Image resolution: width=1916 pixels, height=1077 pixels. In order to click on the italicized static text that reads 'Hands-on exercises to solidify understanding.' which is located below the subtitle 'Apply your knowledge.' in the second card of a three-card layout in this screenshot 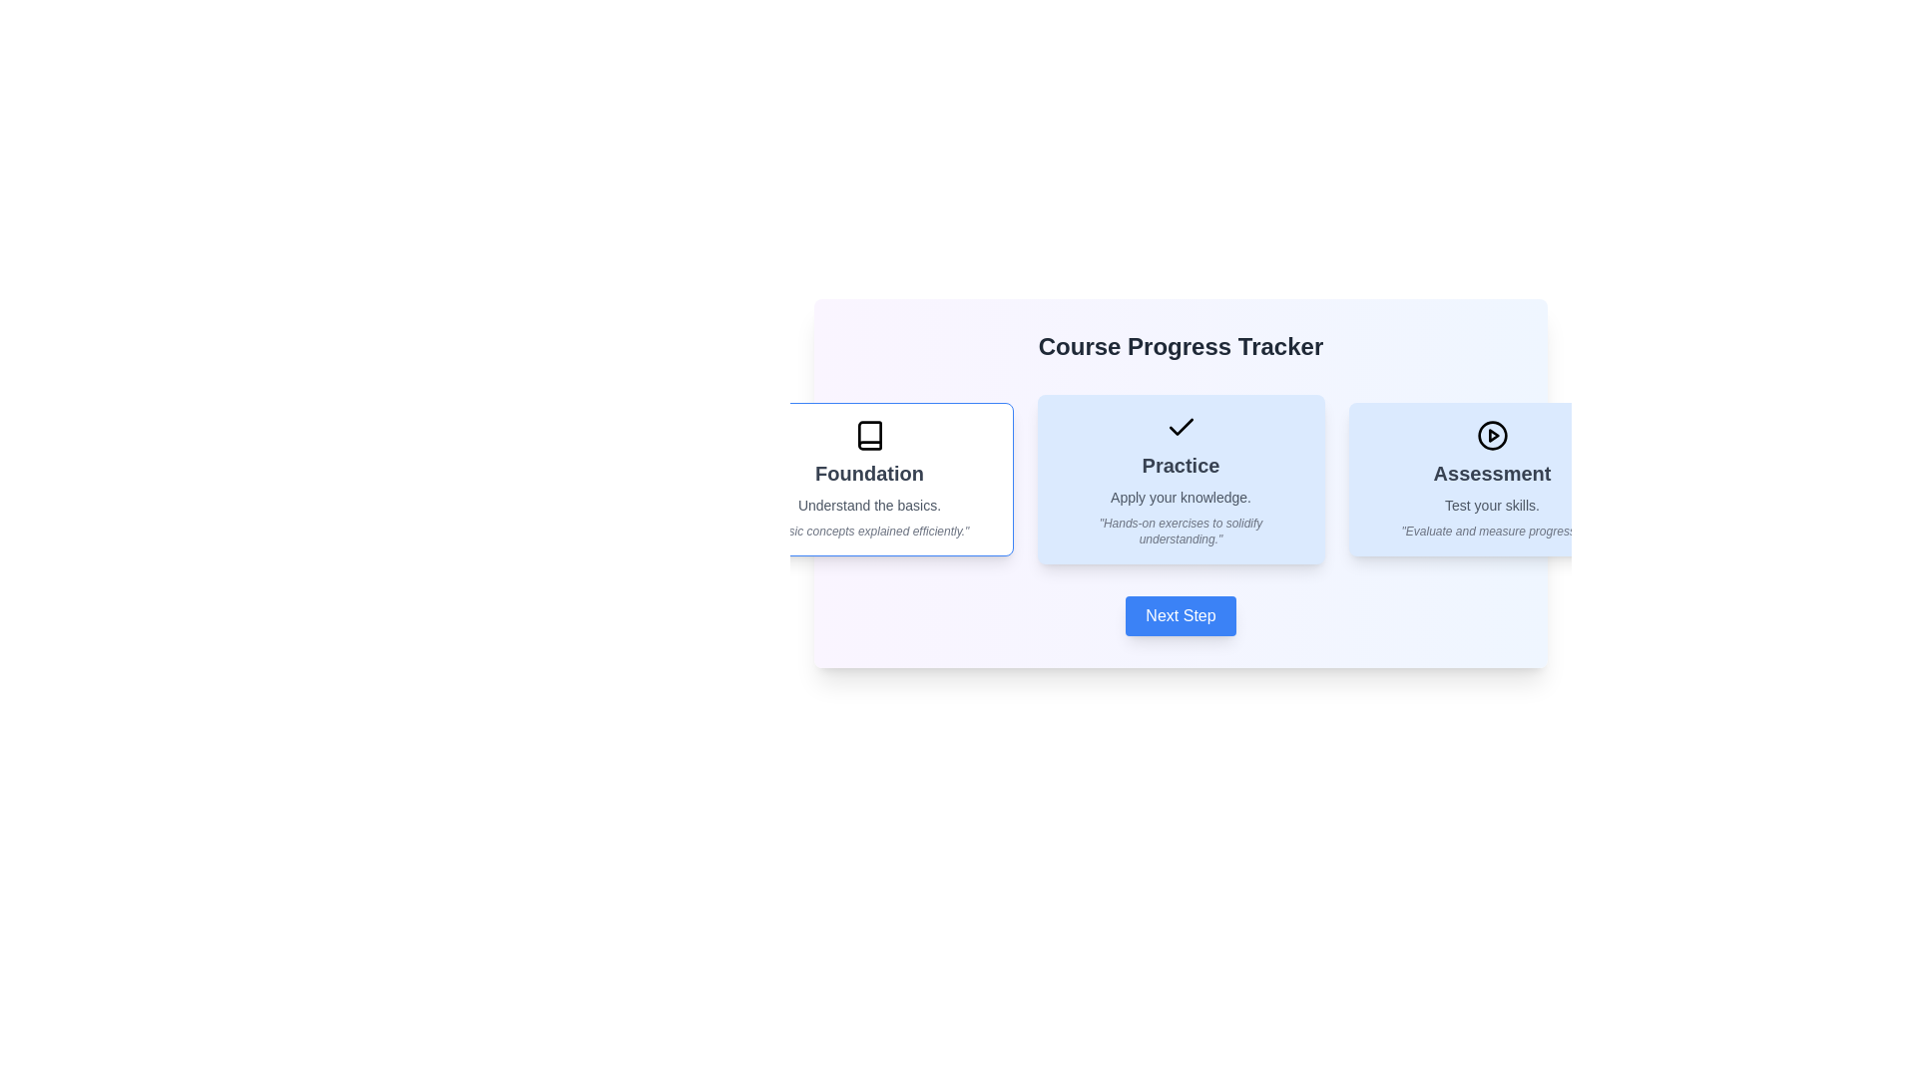, I will do `click(1181, 530)`.